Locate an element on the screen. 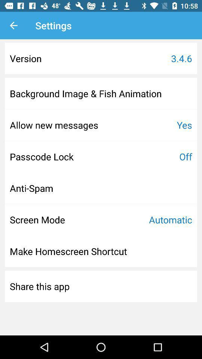 The width and height of the screenshot is (202, 359). the yes is located at coordinates (184, 125).